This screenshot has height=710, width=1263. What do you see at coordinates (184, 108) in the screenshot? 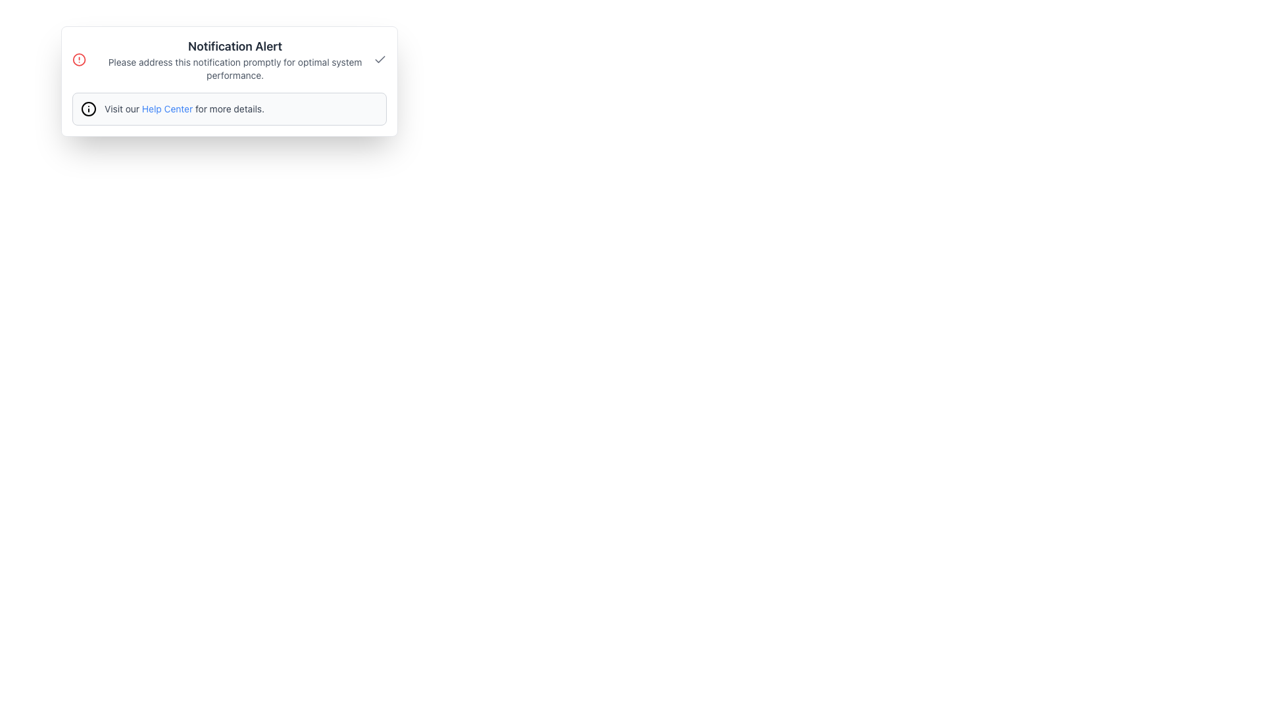
I see `the 'Help Center' hyperlink in the text snippet styled with a smaller font size and gray color, located in the lower section of the notification box` at bounding box center [184, 108].